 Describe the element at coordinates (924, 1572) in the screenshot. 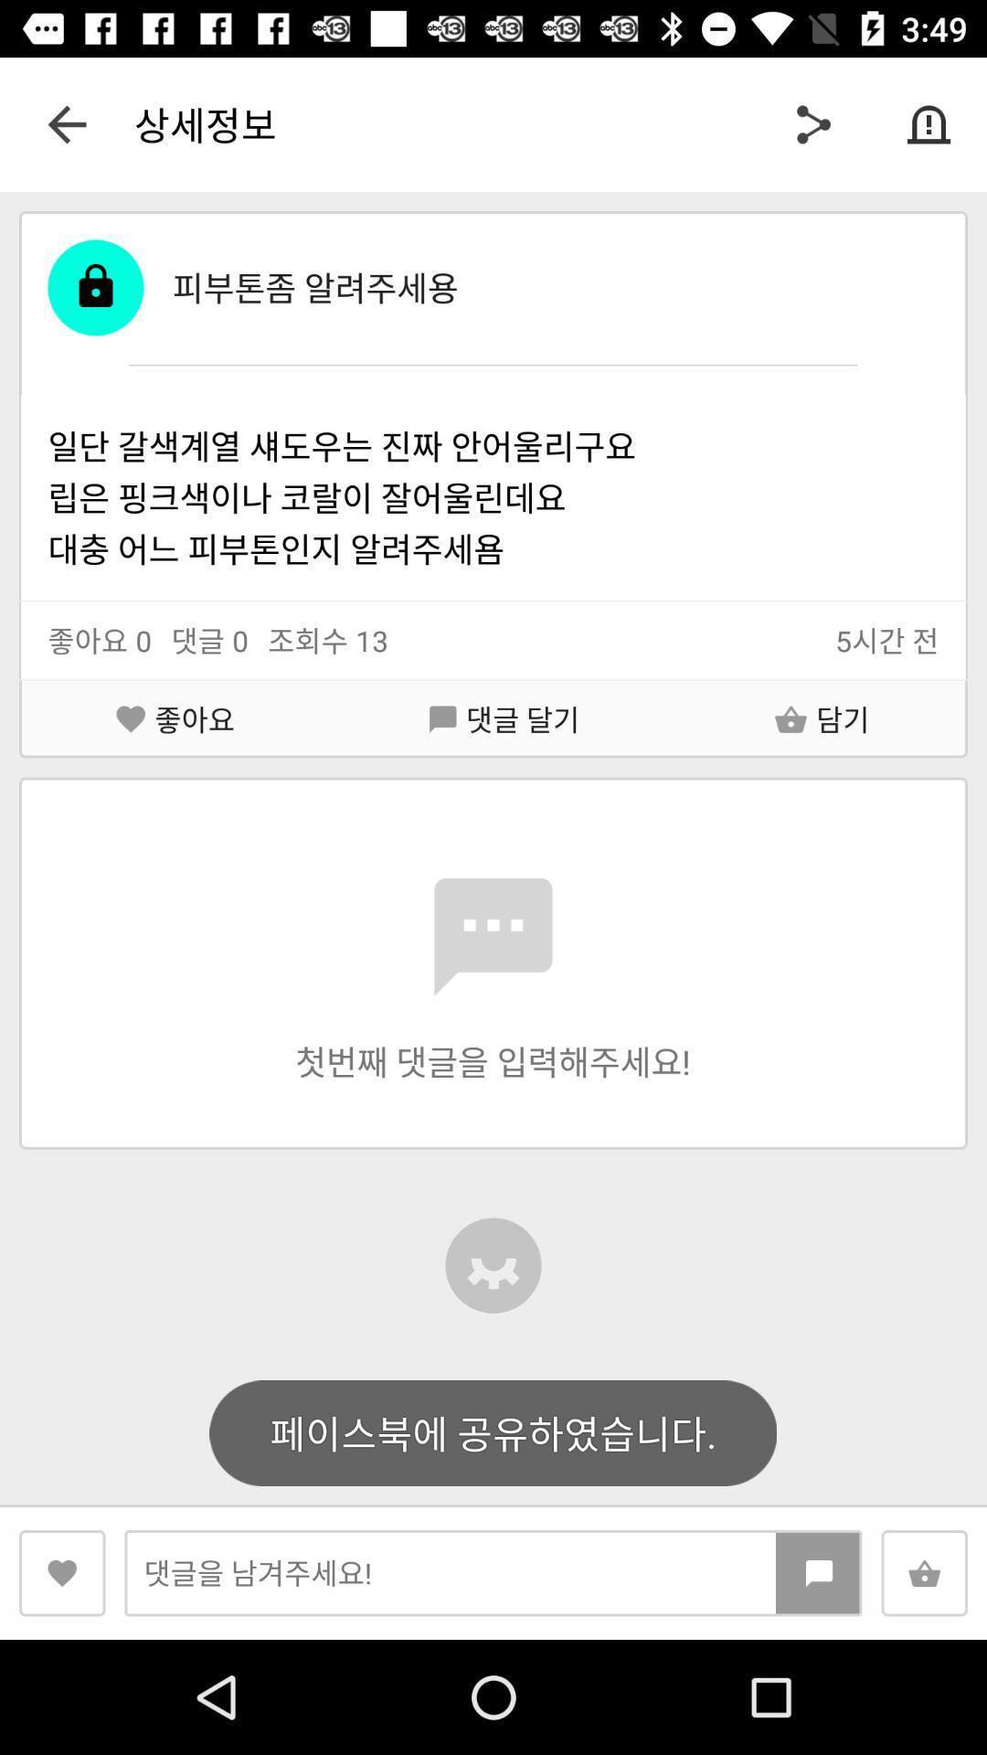

I see `the cart icon` at that location.